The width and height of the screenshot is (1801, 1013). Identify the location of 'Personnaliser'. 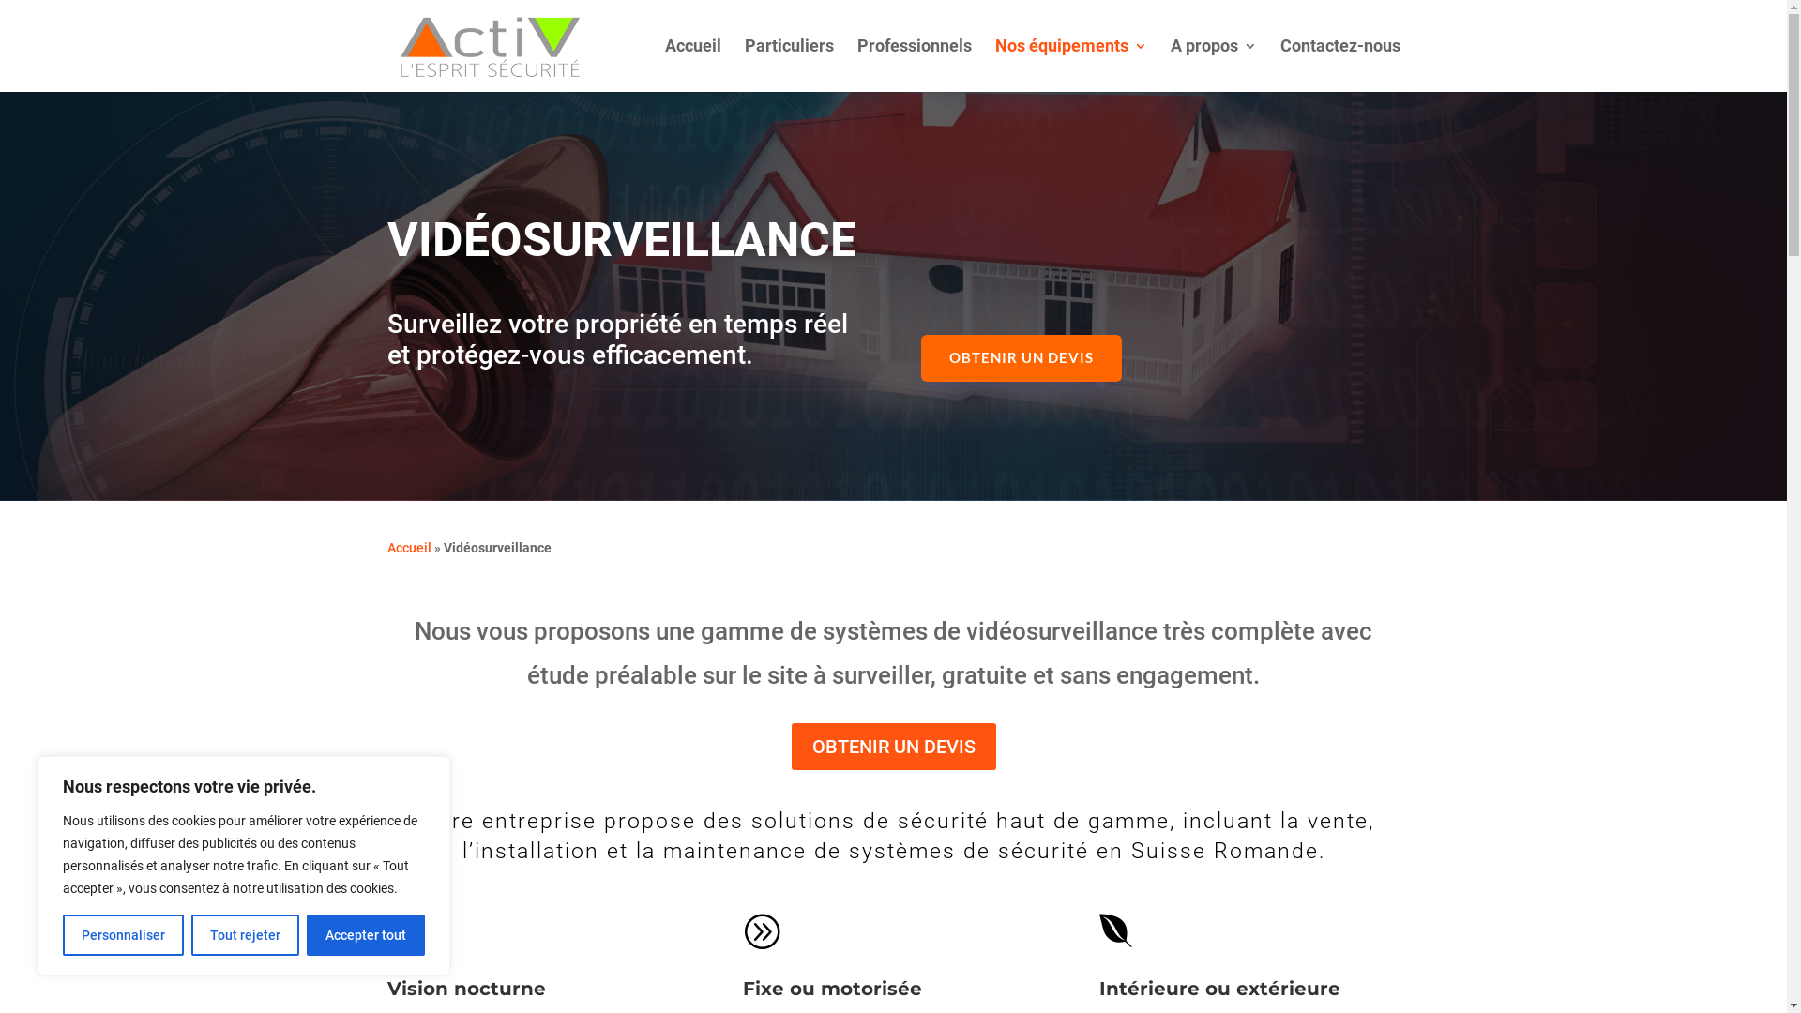
(122, 934).